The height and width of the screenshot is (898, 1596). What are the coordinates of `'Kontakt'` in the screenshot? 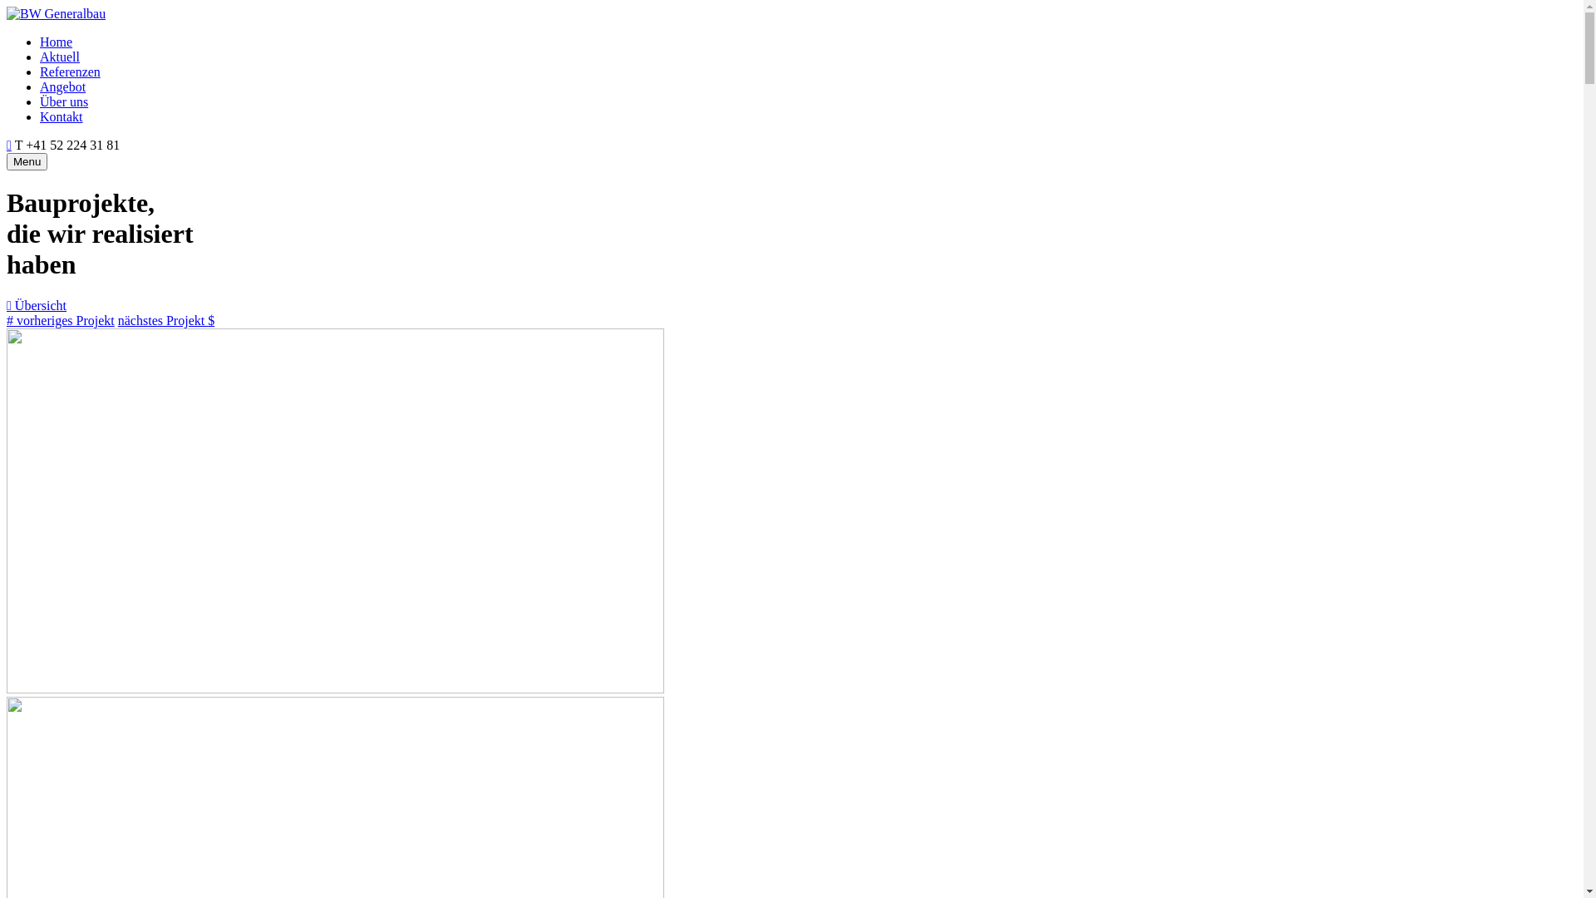 It's located at (61, 116).